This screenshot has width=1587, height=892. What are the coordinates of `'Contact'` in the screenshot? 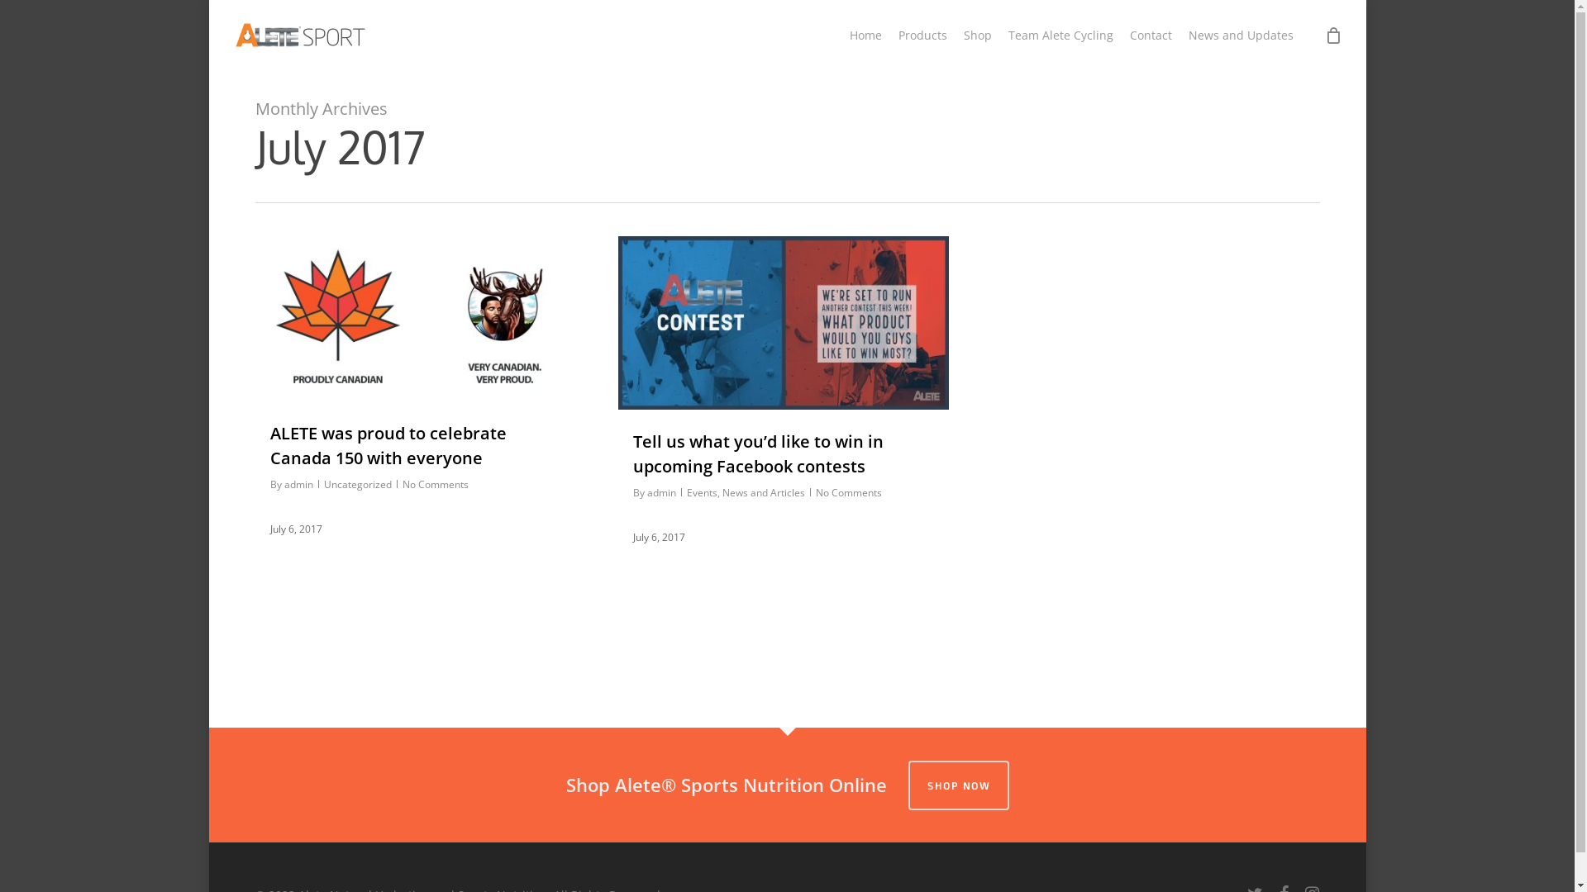 It's located at (1149, 35).